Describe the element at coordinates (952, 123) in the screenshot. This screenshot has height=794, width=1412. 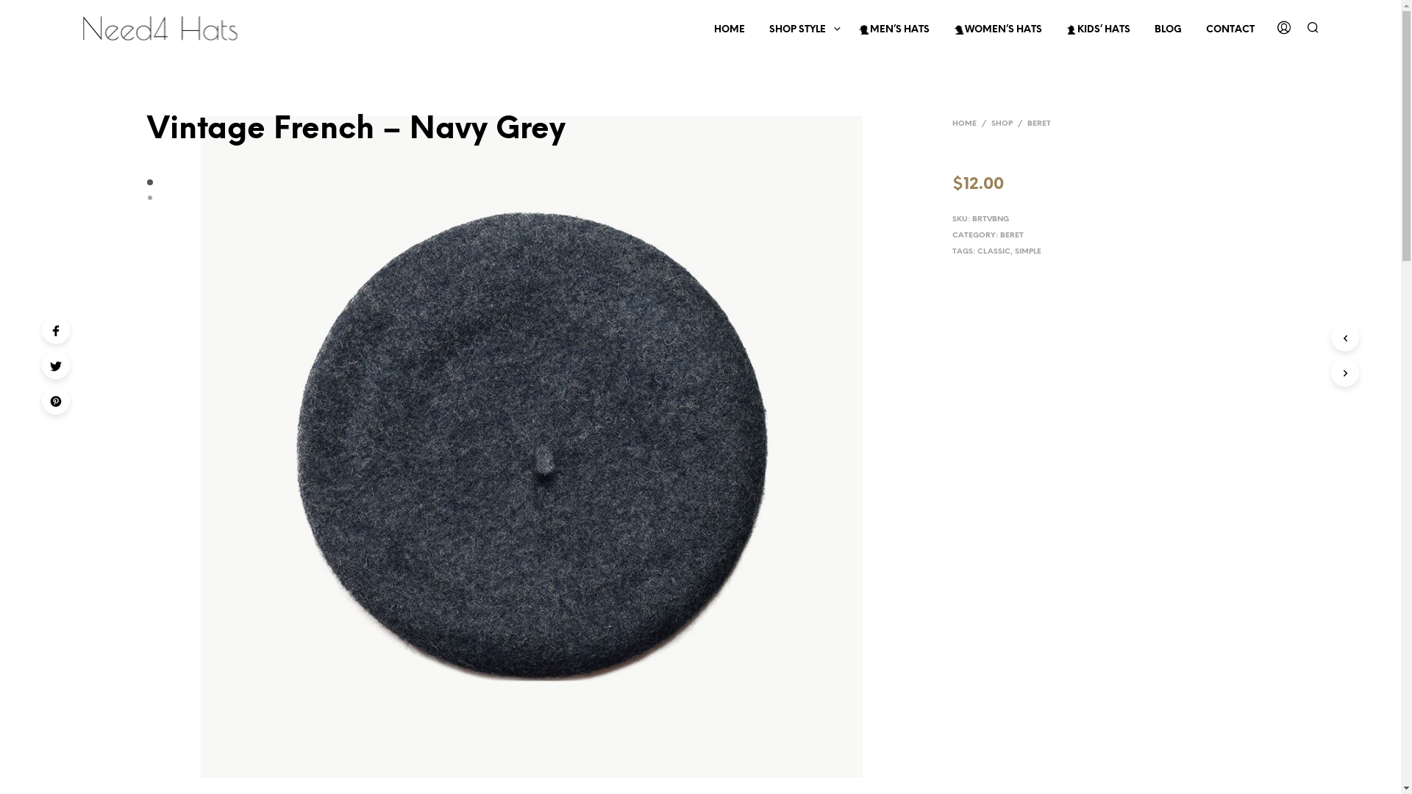
I see `'HOME'` at that location.